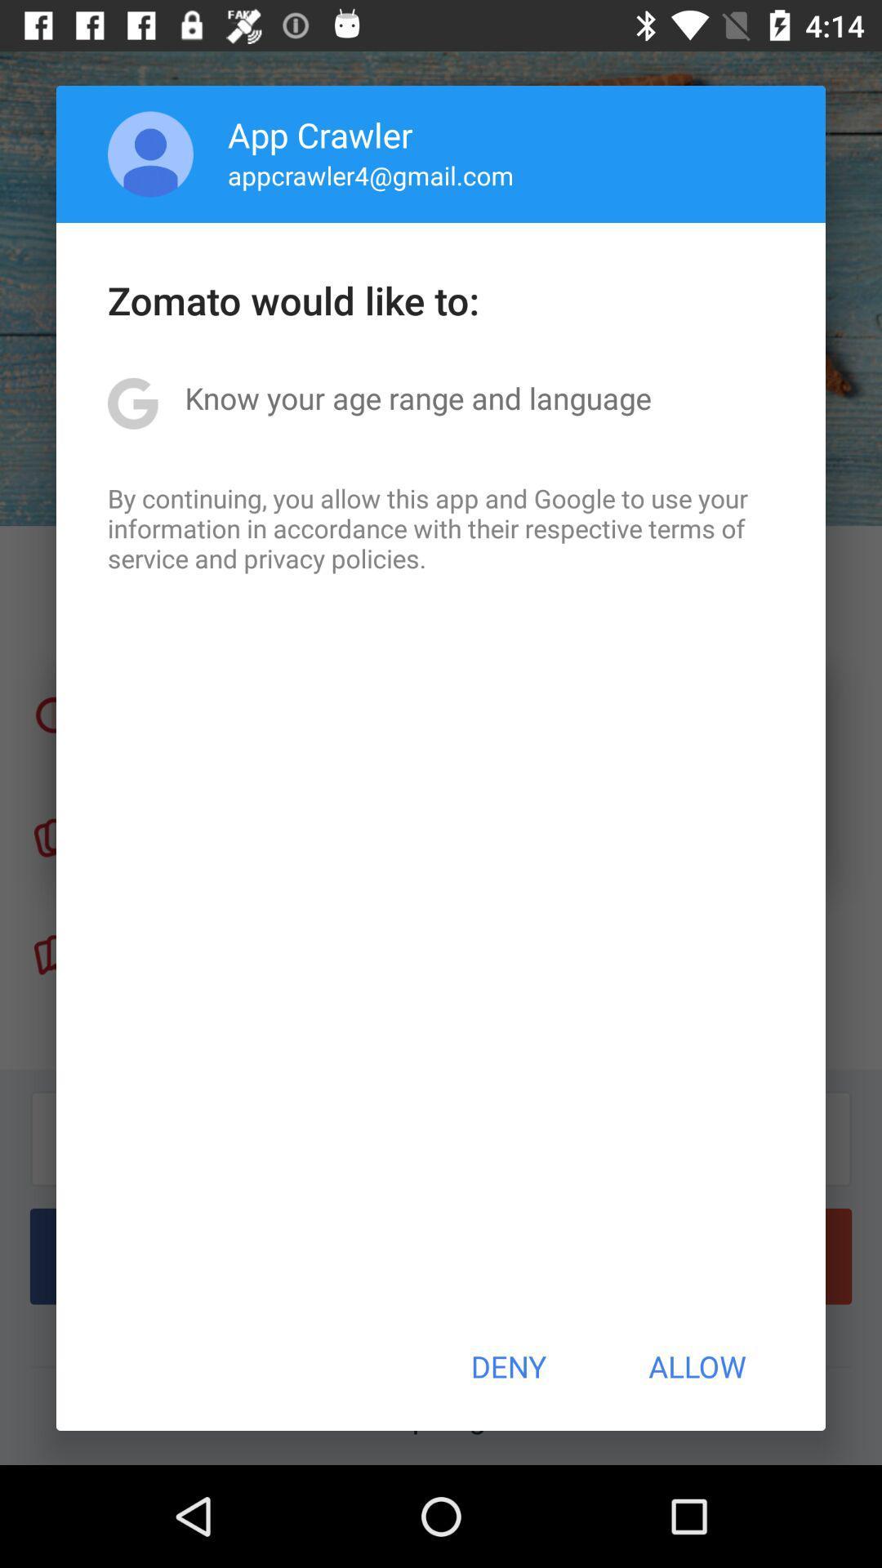  What do you see at coordinates (417, 398) in the screenshot?
I see `know your age` at bounding box center [417, 398].